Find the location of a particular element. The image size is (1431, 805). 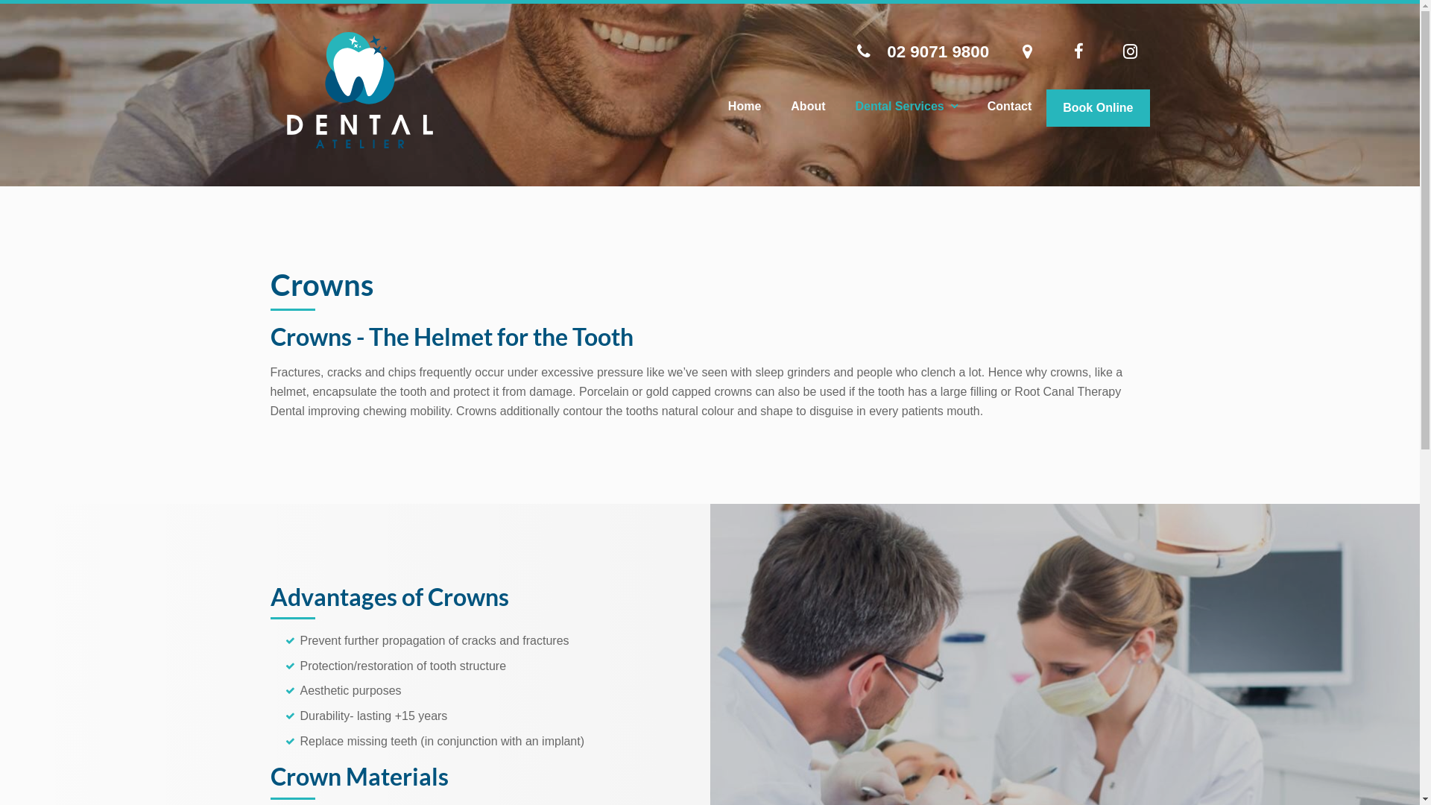

'About' is located at coordinates (807, 105).